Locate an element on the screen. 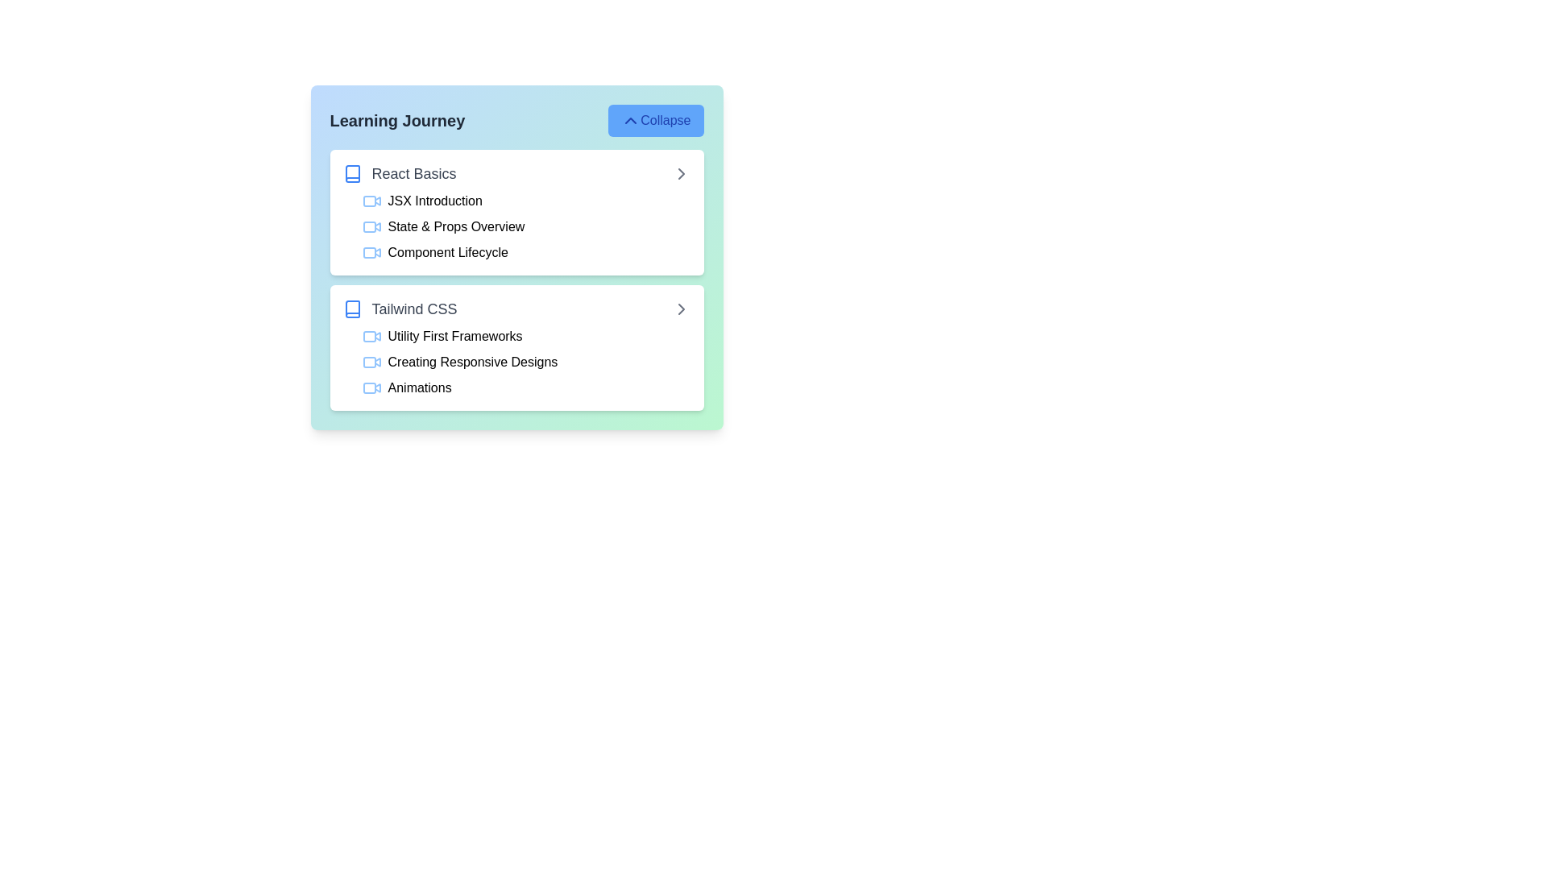 This screenshot has height=870, width=1547. 'Collapse' button to toggle the state of the component is located at coordinates (656, 120).